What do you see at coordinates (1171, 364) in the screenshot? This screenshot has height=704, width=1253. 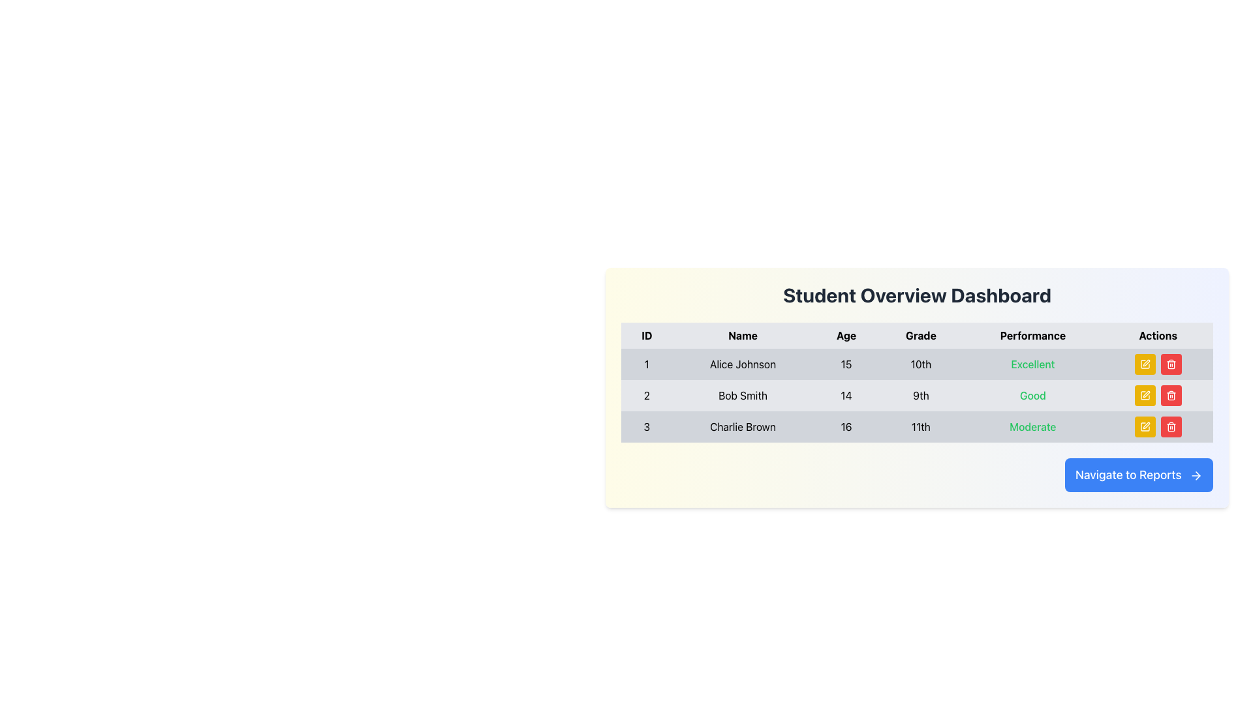 I see `the delete button located in the 'Actions' column of the second row of the table` at bounding box center [1171, 364].